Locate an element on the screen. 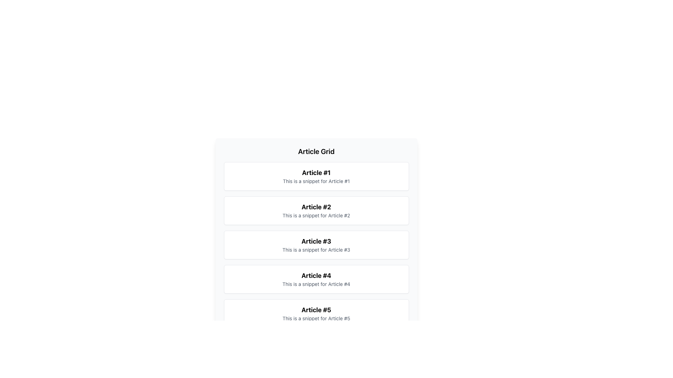 The height and width of the screenshot is (378, 673). the title text label of the second card is located at coordinates (316, 206).